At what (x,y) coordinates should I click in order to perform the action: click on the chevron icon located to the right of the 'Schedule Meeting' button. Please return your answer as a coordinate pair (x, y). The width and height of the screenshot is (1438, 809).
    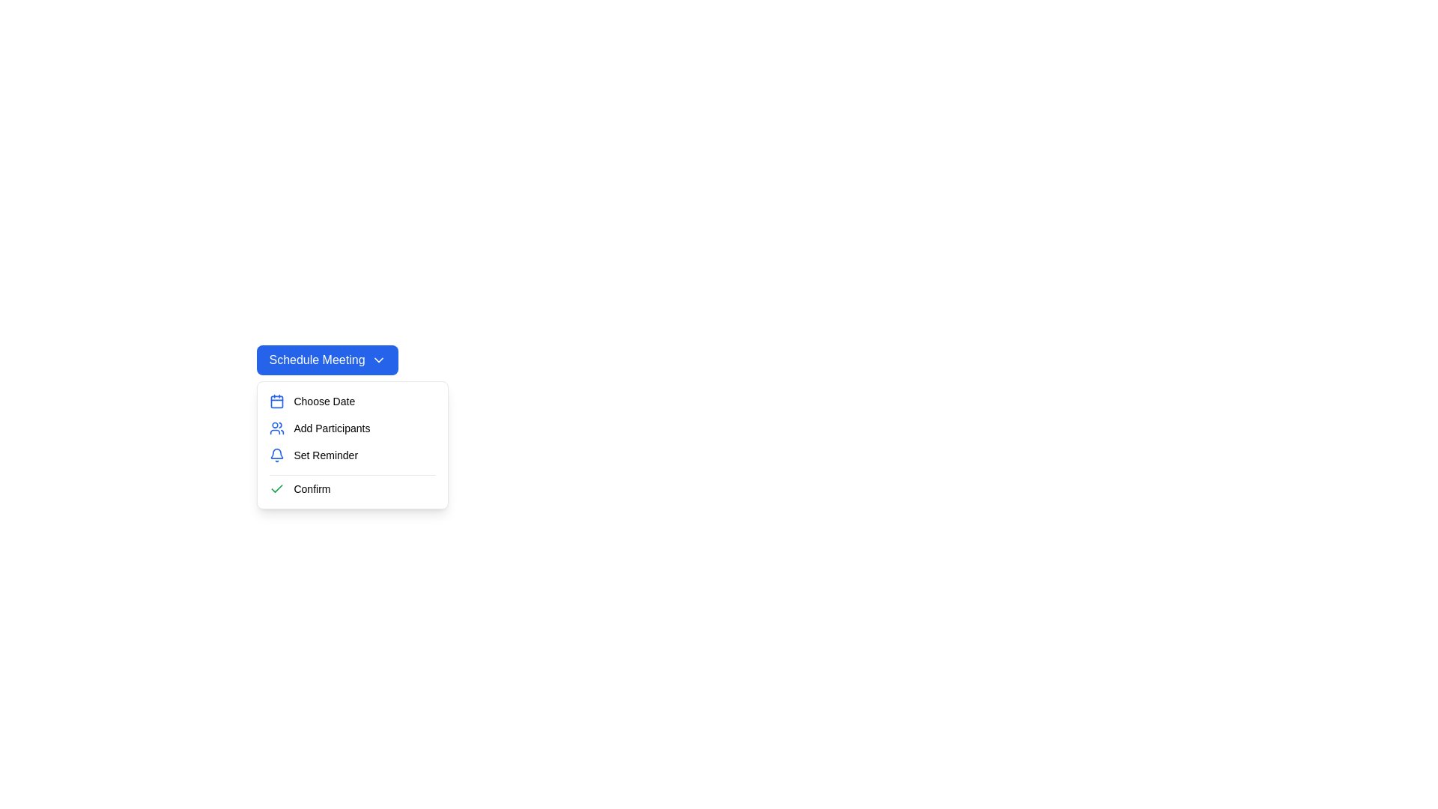
    Looking at the image, I should click on (378, 360).